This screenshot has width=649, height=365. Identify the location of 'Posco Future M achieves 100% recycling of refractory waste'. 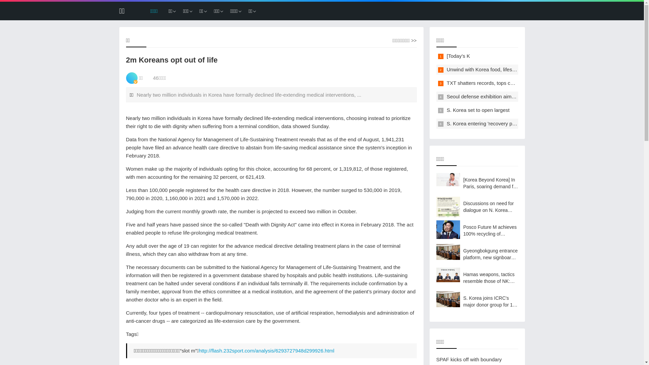
(477, 230).